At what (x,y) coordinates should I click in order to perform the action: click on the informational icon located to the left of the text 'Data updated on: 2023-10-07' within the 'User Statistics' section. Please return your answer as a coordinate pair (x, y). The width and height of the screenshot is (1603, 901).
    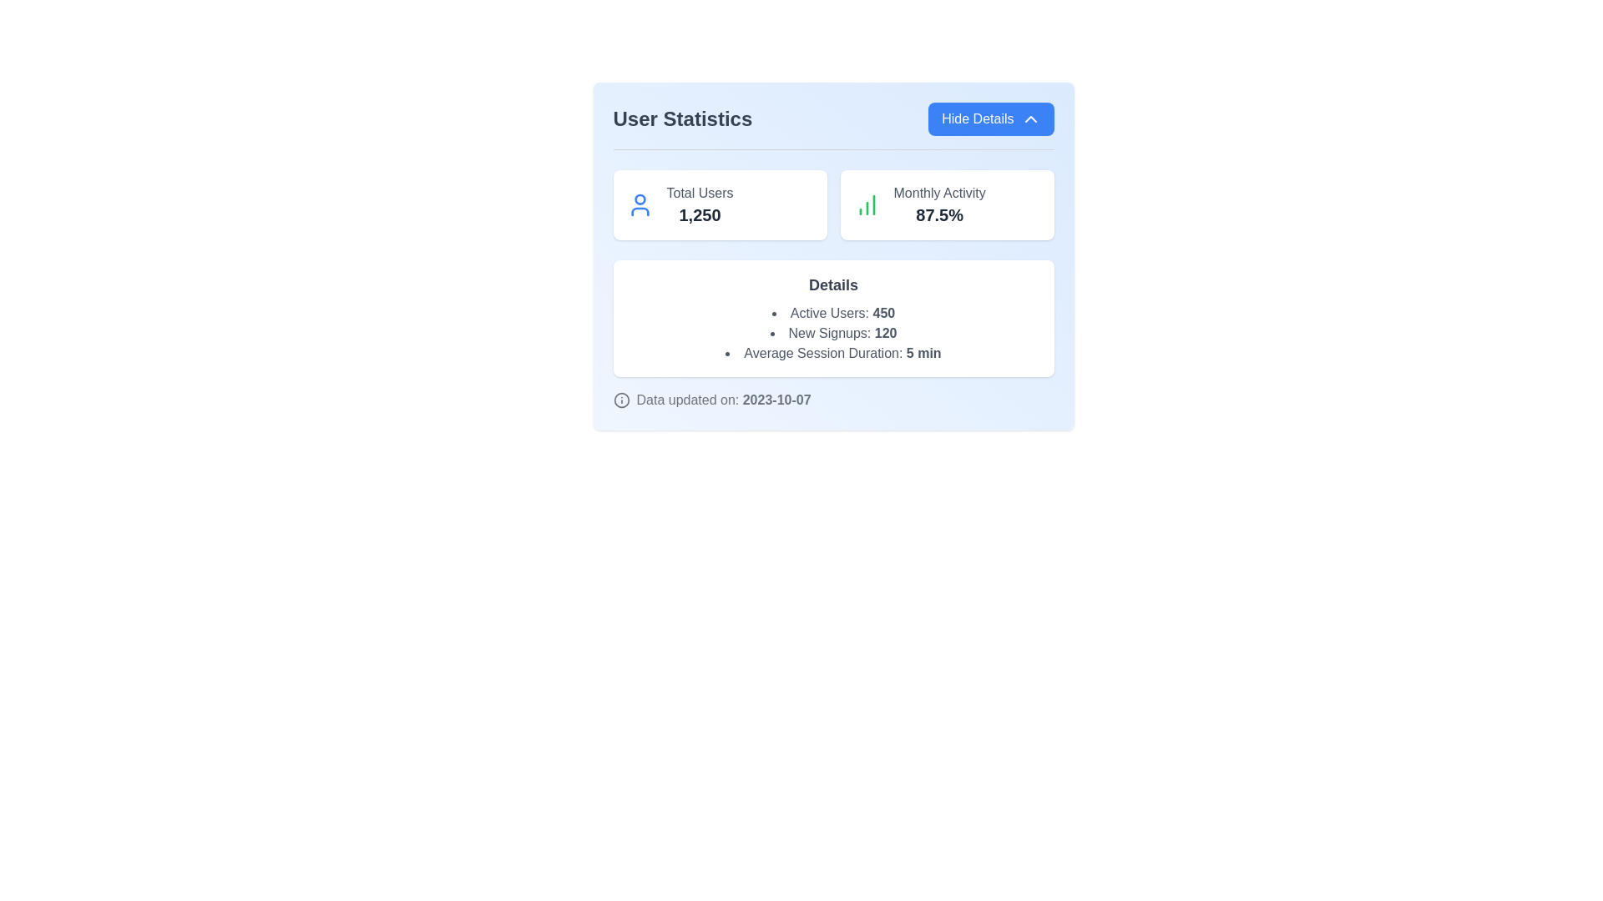
    Looking at the image, I should click on (620, 400).